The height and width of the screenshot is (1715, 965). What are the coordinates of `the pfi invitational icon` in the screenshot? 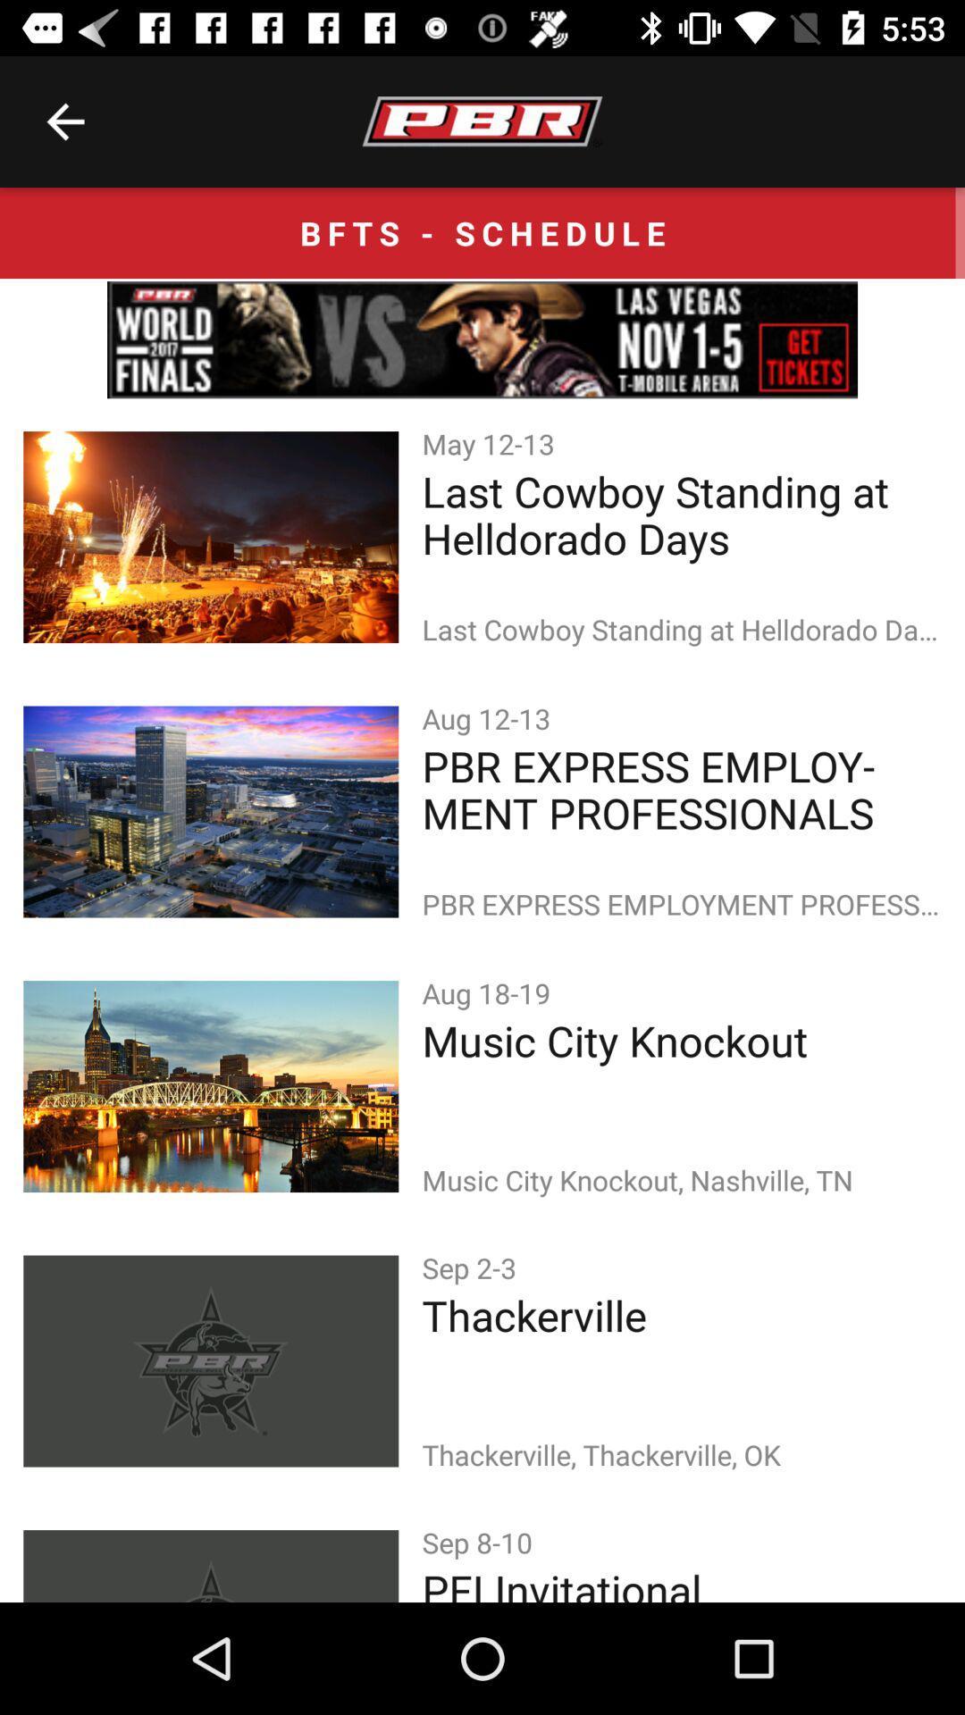 It's located at (682, 1582).